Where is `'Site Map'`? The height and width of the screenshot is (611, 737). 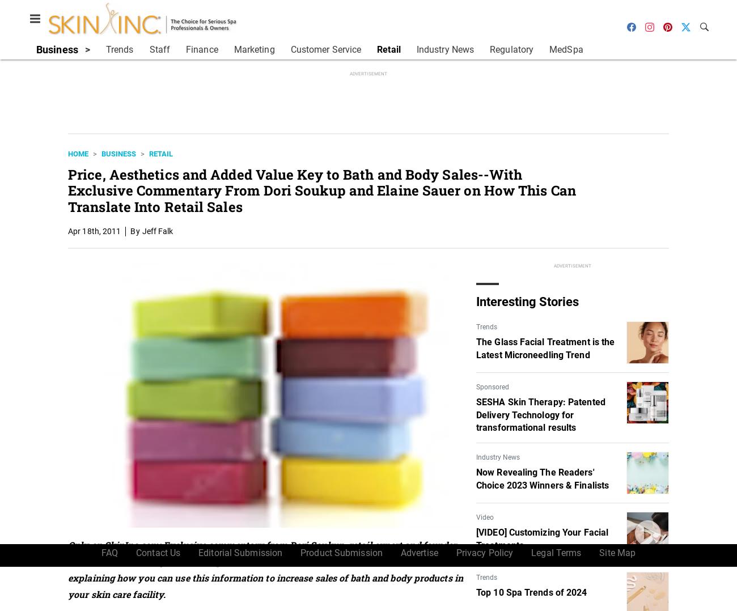
'Site Map' is located at coordinates (617, 553).